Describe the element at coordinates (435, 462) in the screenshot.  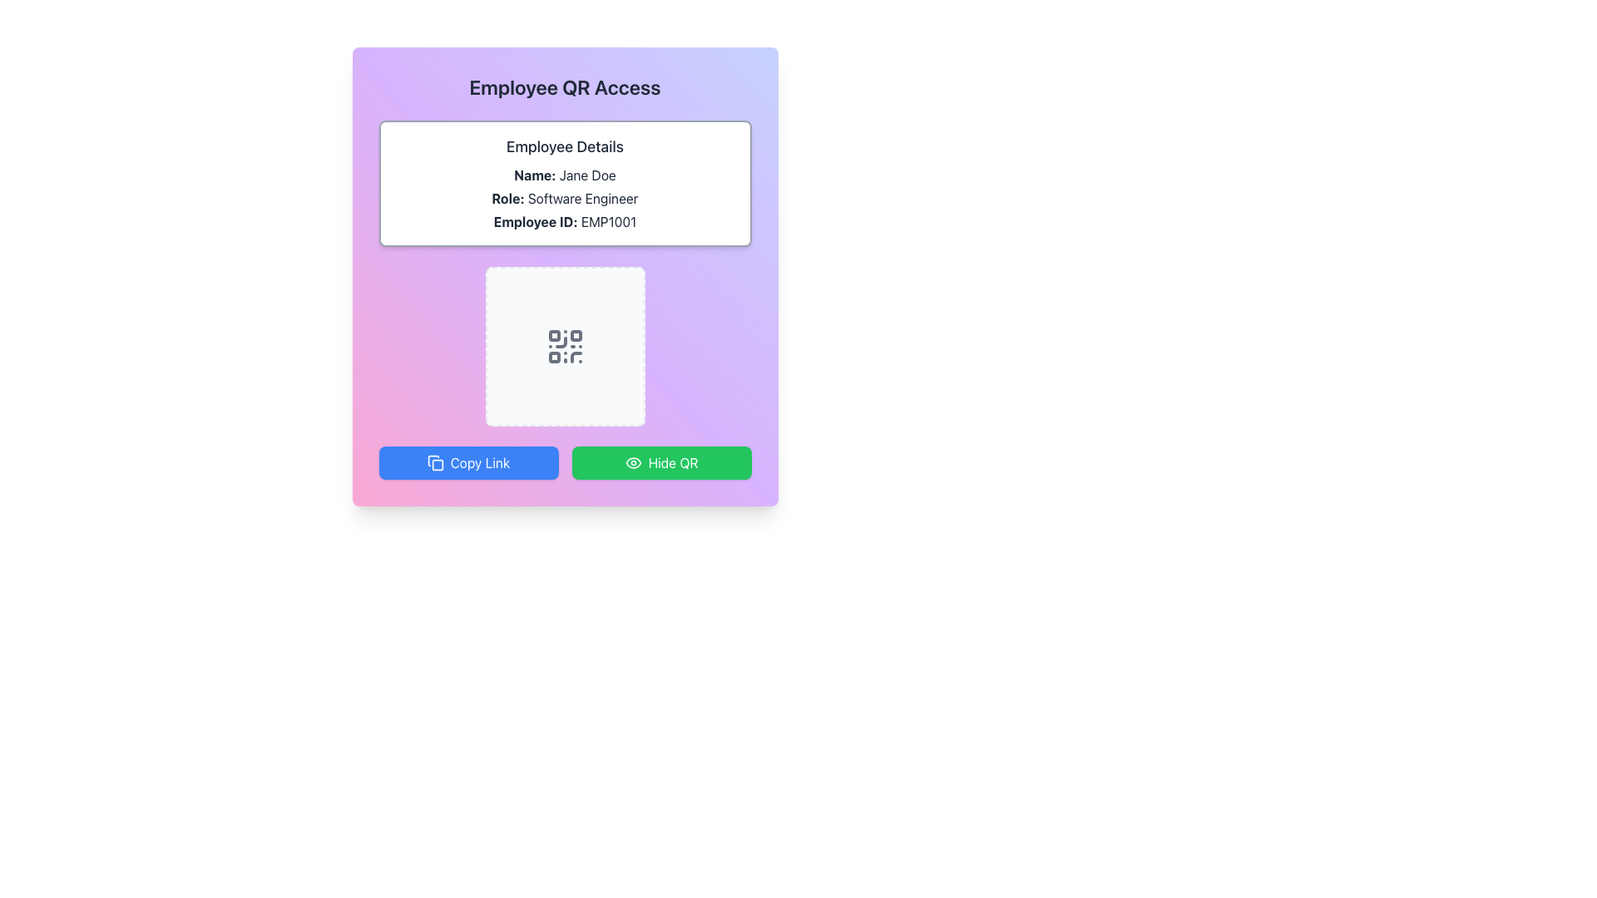
I see `the icon featuring two overlapping rectangles, which is located to the left inside the blue button labeled 'Copy Link'` at that location.